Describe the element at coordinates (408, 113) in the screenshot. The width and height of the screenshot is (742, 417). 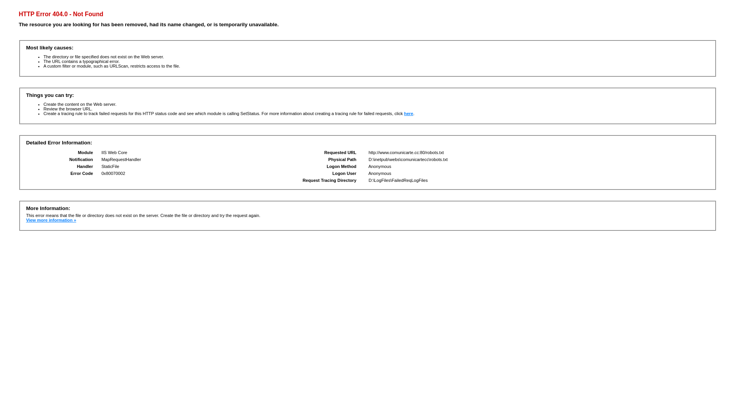
I see `'here'` at that location.